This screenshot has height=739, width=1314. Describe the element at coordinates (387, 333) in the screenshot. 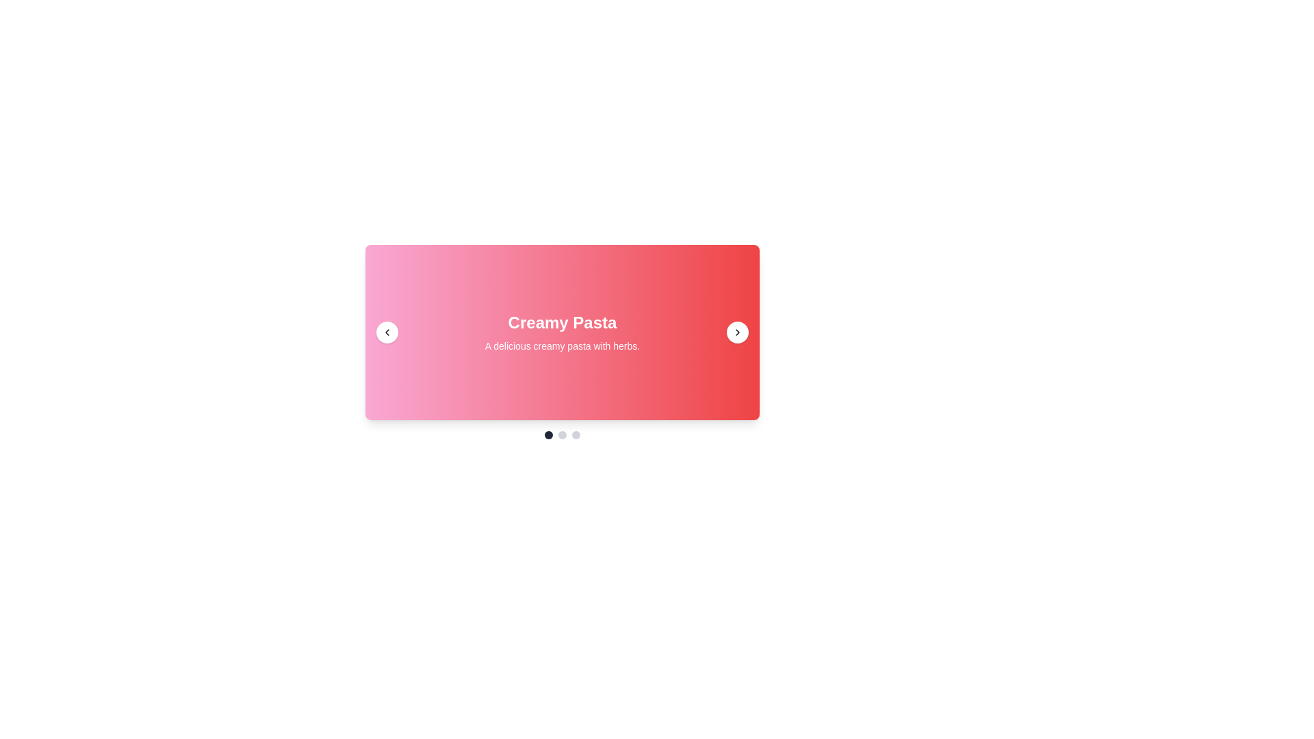

I see `the left-pointing chevron icon embedded within a circular button, located on the left edge of the rectangular card containing the text 'Creamy Pasta'` at that location.